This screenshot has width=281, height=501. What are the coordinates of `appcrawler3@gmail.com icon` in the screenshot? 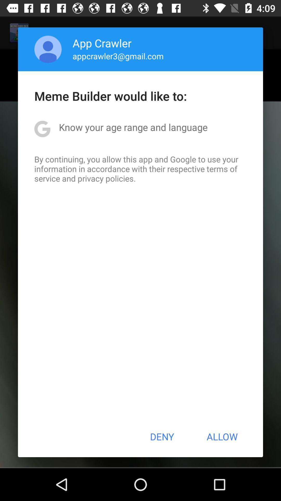 It's located at (118, 56).